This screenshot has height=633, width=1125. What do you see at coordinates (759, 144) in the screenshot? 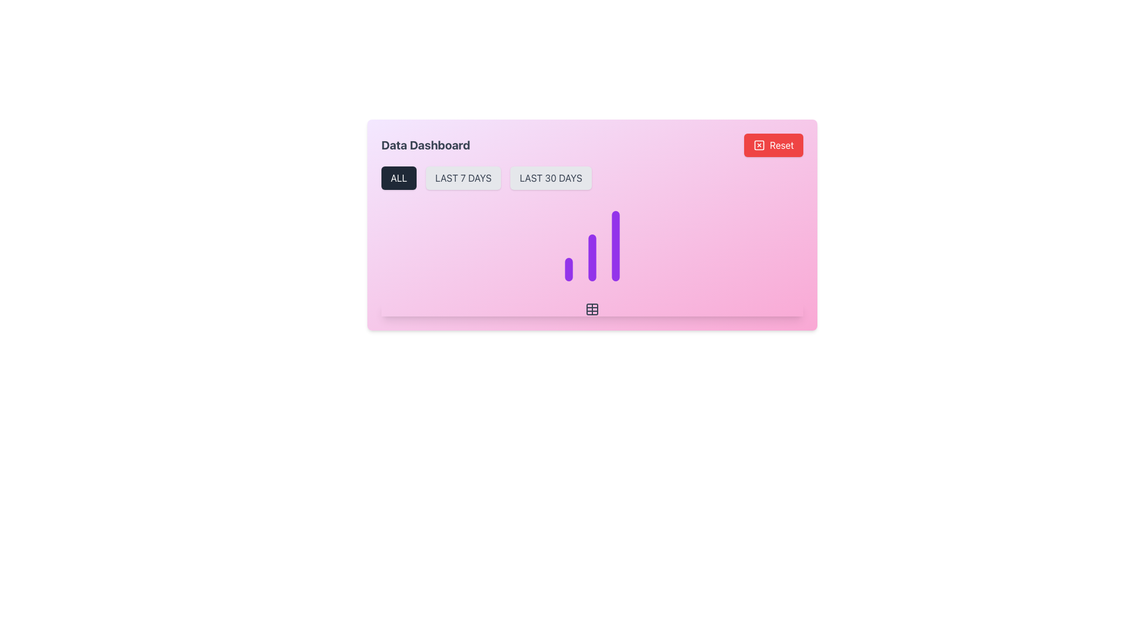
I see `the red square icon with a white border containing the '×' symbol, located to the left of the 'Reset' text in the top-right corner of the interface` at bounding box center [759, 144].